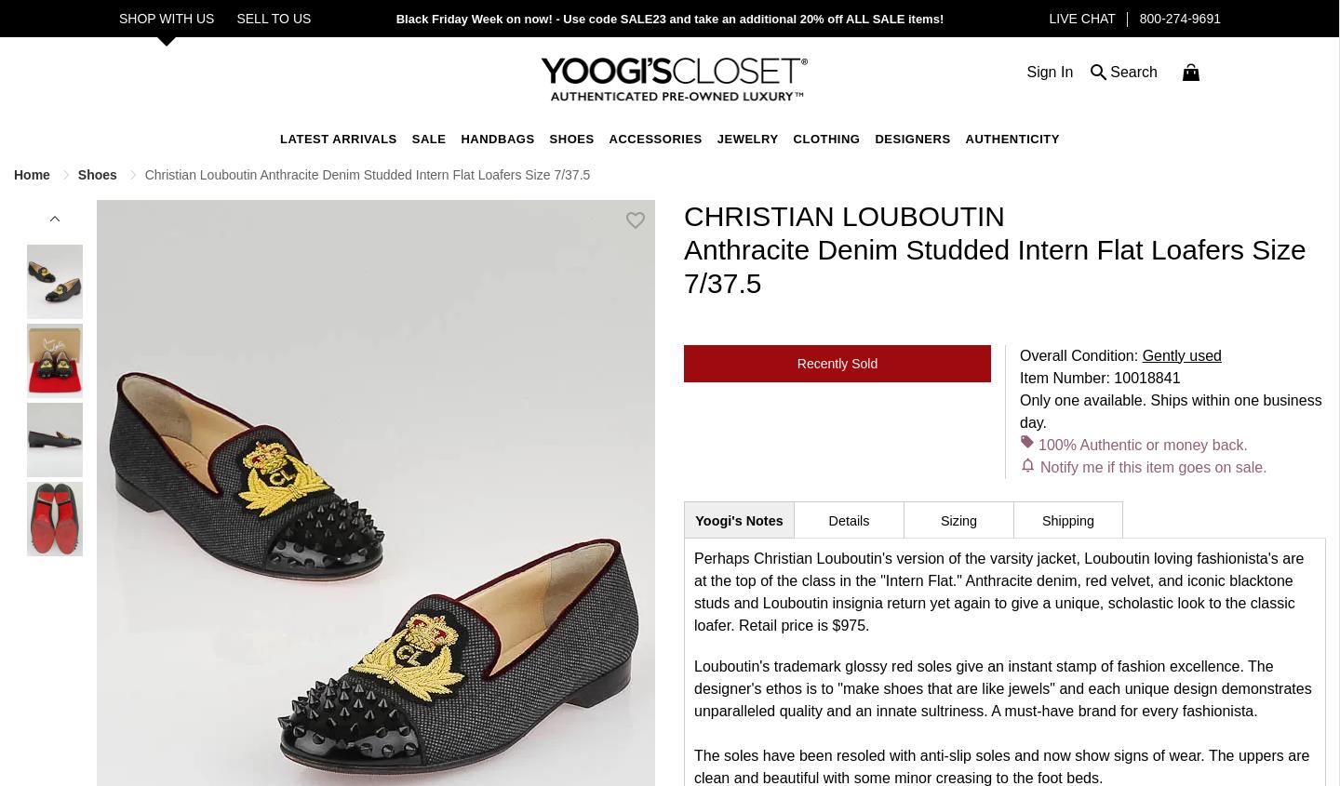  I want to click on 'SELL', so click(252, 18).